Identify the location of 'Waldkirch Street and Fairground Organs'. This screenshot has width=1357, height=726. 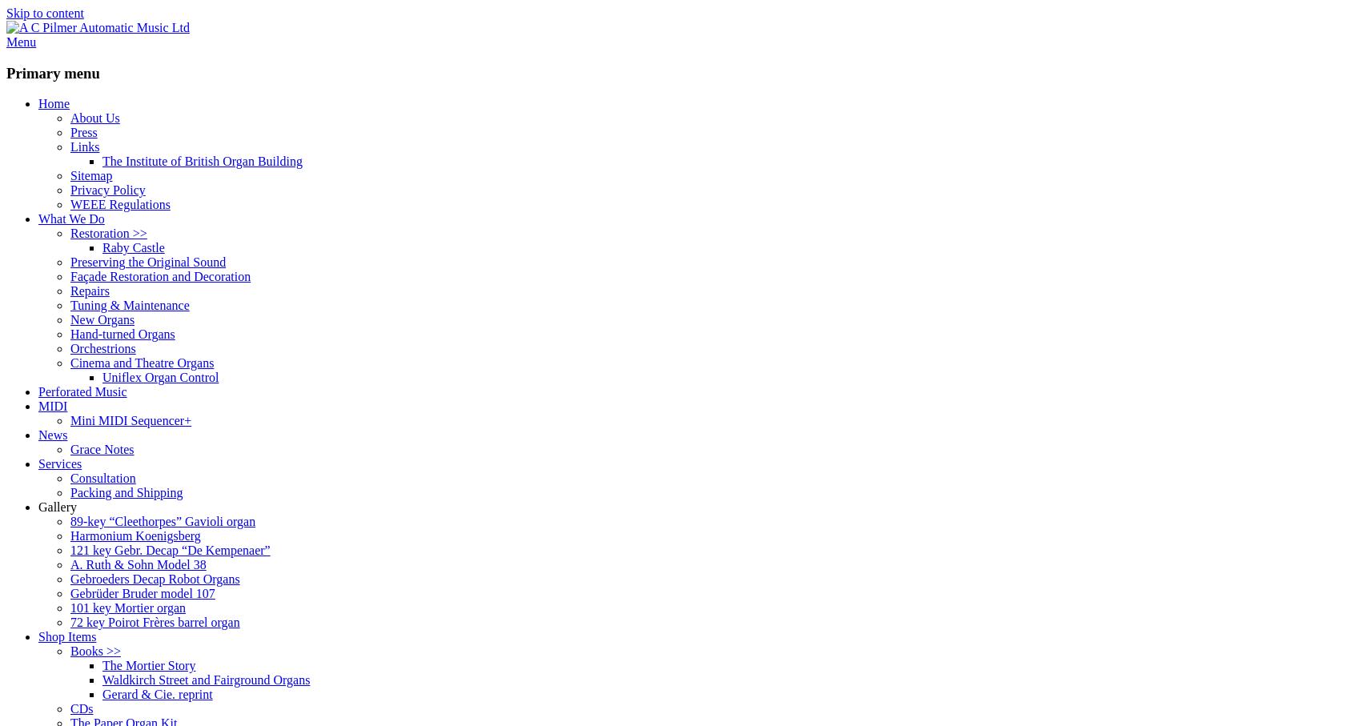
(205, 679).